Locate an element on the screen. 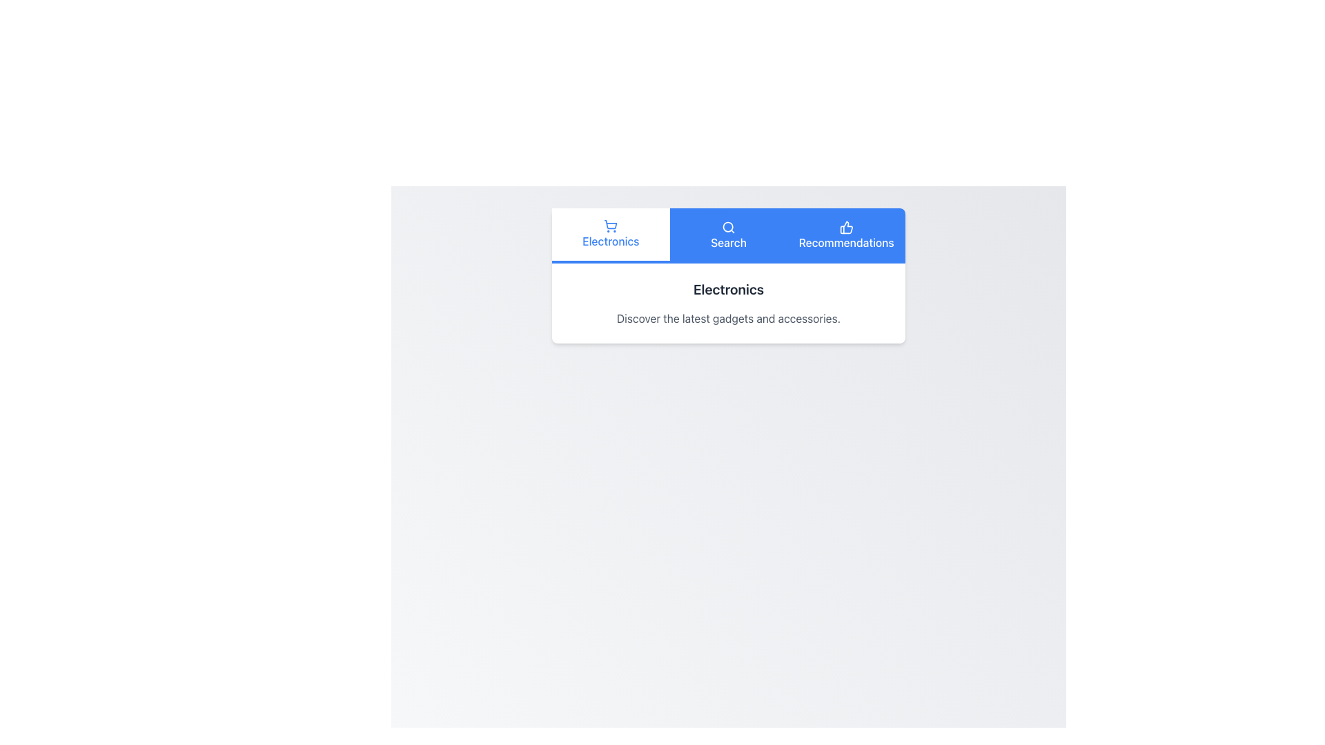  the shopping cart icon located in the navigation bar above the 'Electronics' section is located at coordinates (610, 225).